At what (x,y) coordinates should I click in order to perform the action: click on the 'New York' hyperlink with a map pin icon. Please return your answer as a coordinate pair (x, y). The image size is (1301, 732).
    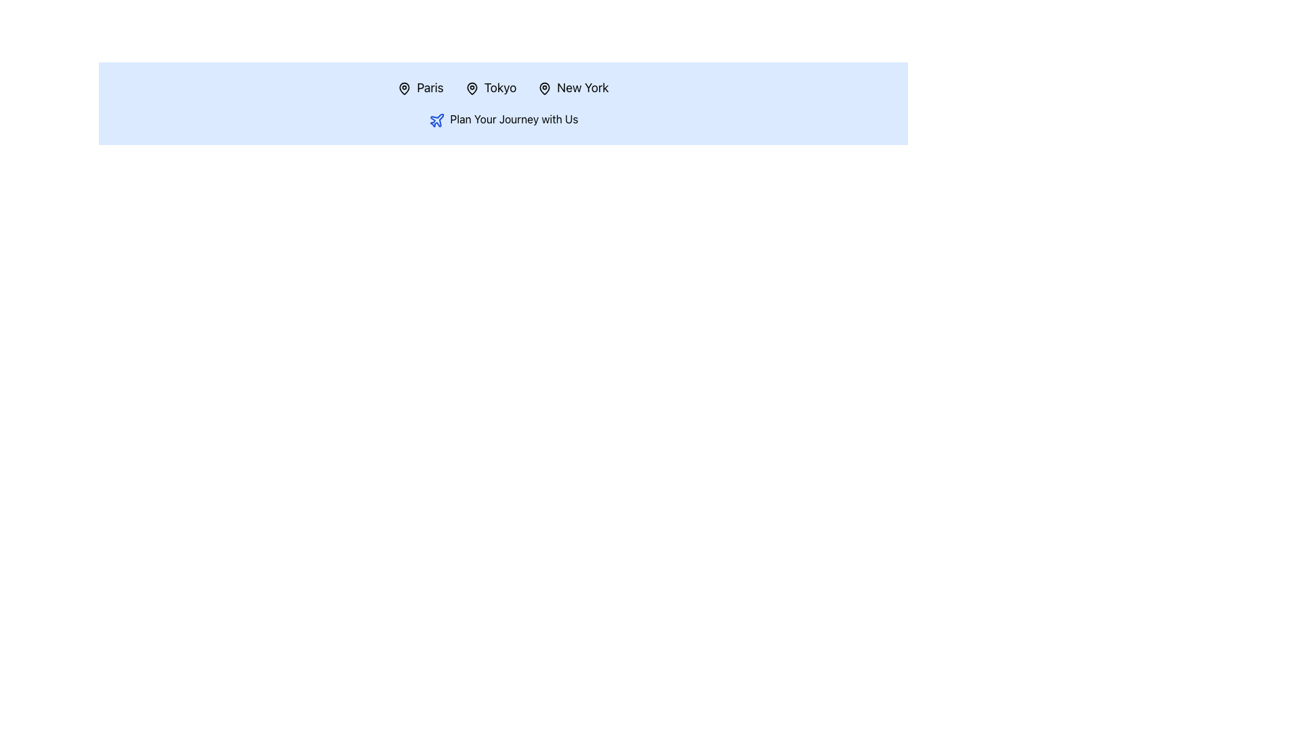
    Looking at the image, I should click on (573, 87).